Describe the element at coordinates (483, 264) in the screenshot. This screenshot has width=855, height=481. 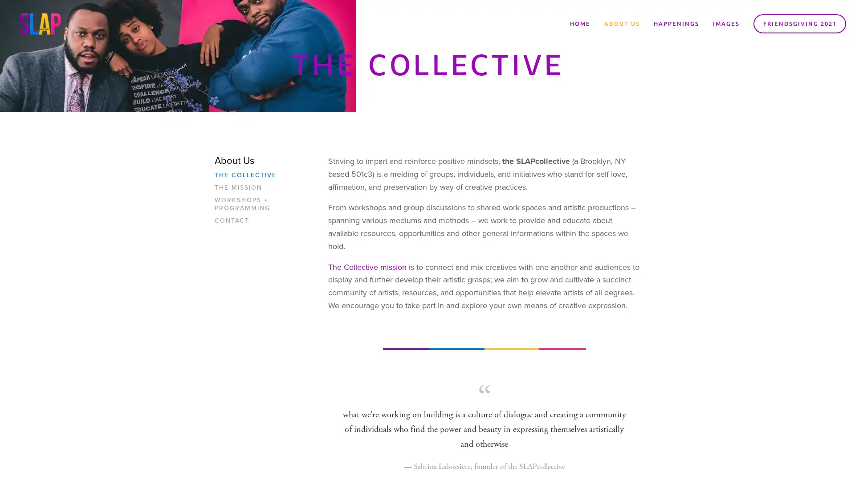
I see `get mo' SLAP!` at that location.